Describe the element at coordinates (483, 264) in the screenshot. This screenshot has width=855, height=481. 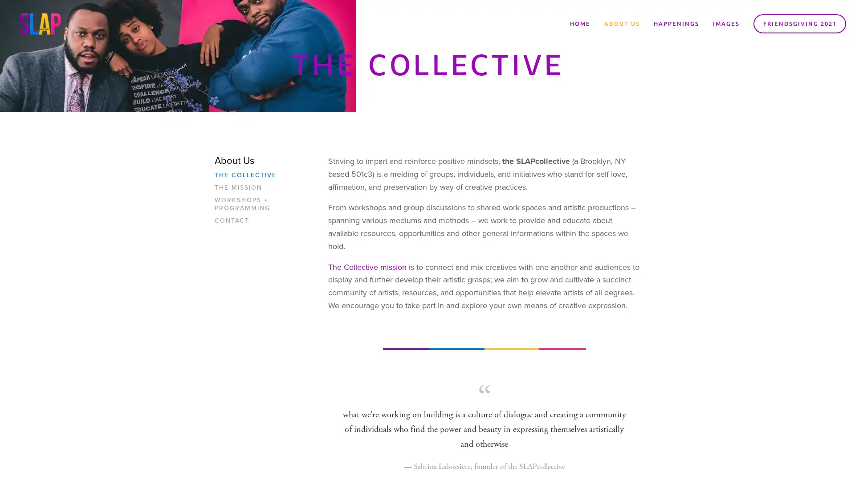
I see `get mo' SLAP!` at that location.